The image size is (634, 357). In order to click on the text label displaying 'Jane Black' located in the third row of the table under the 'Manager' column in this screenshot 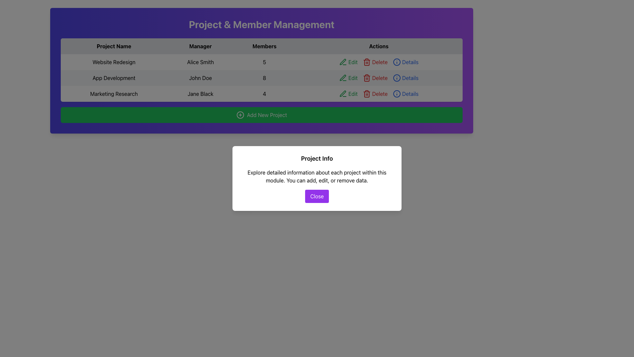, I will do `click(200, 94)`.